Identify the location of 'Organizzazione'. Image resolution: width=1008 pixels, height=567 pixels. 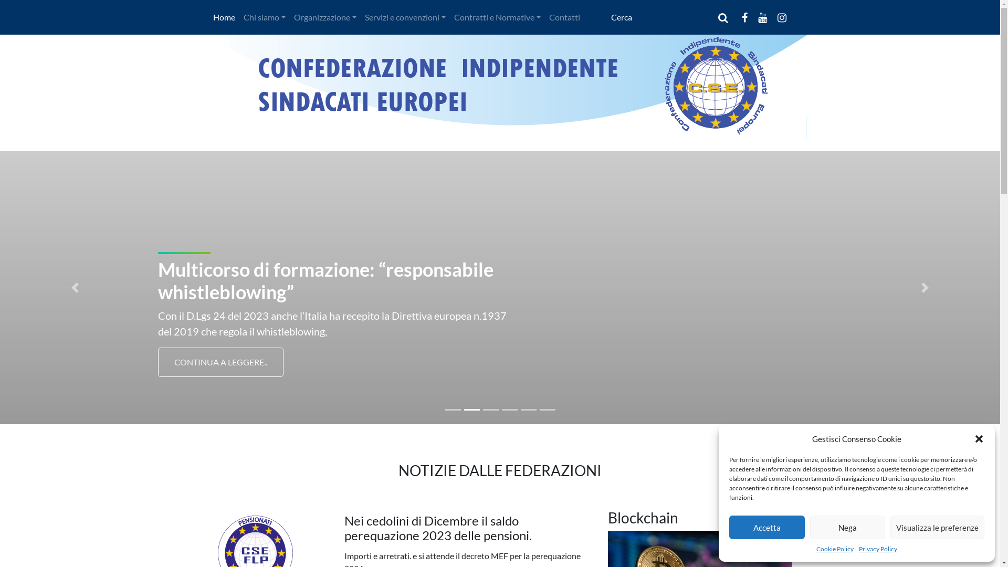
(324, 17).